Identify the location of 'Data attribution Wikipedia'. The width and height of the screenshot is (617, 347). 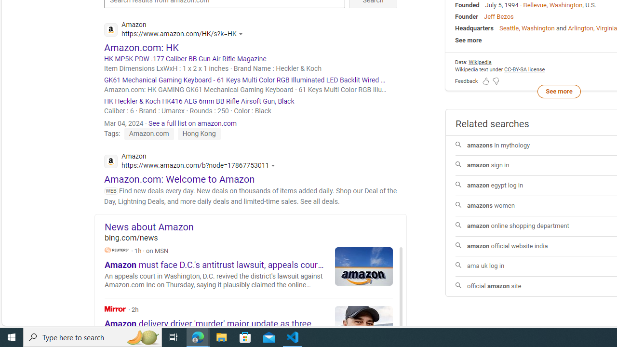
(480, 62).